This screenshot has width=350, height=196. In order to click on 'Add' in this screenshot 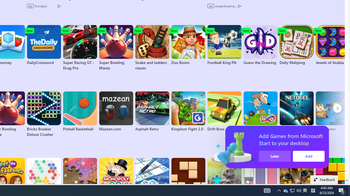, I will do `click(311, 156)`.